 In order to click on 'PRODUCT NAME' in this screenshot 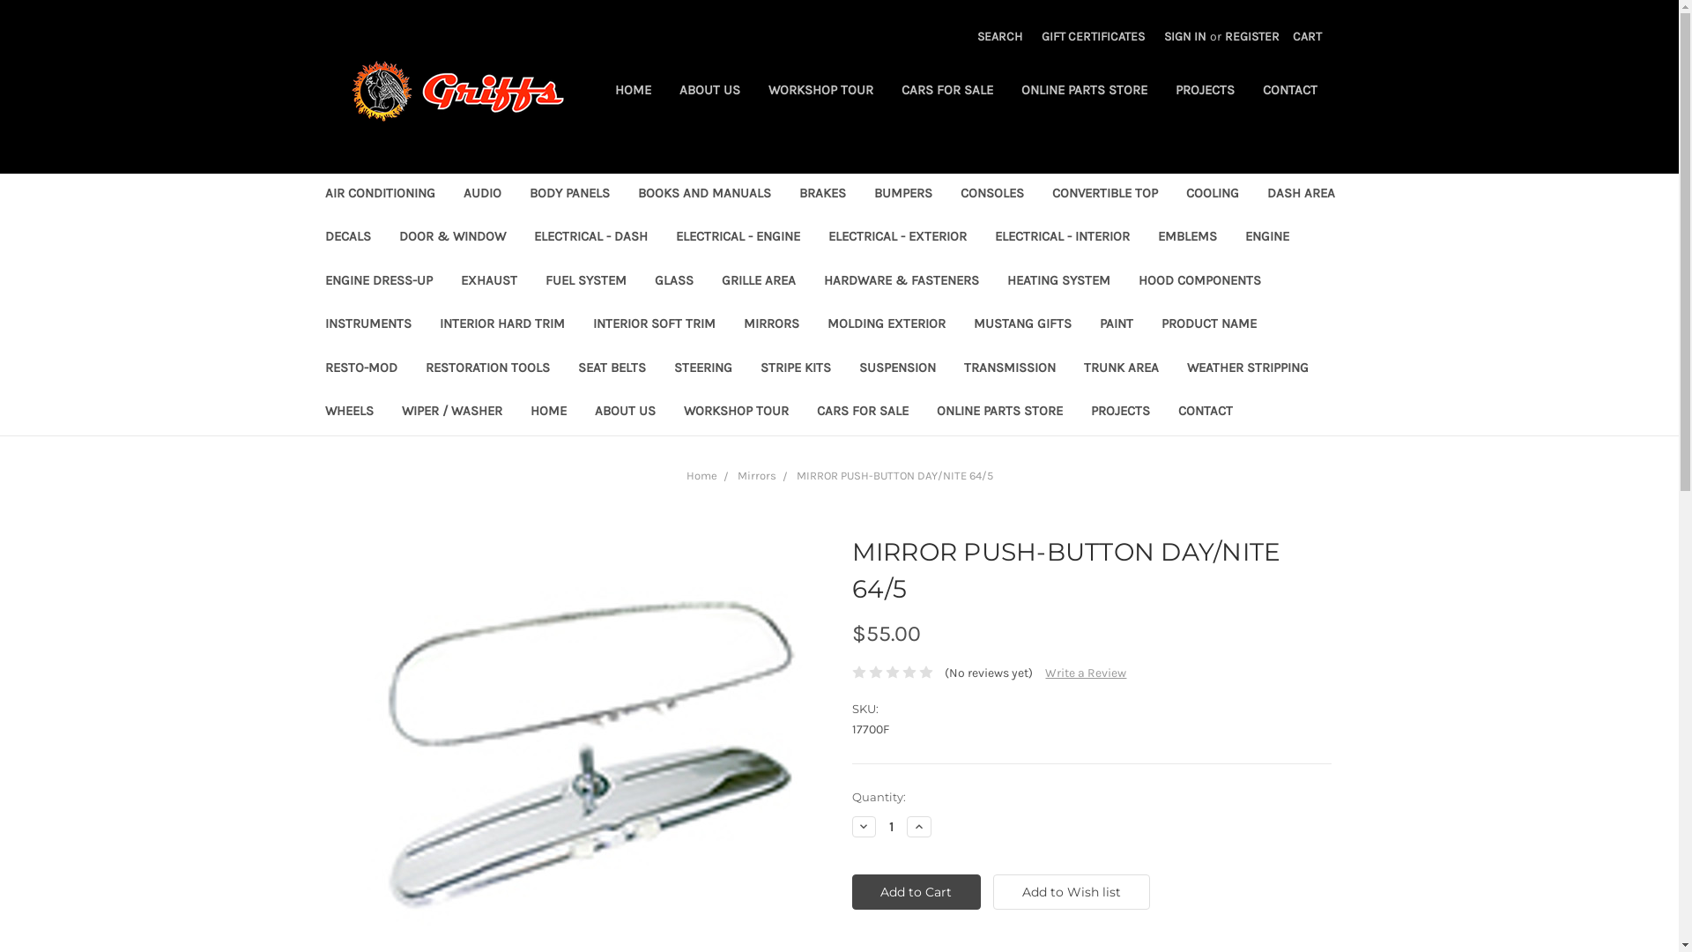, I will do `click(1147, 325)`.